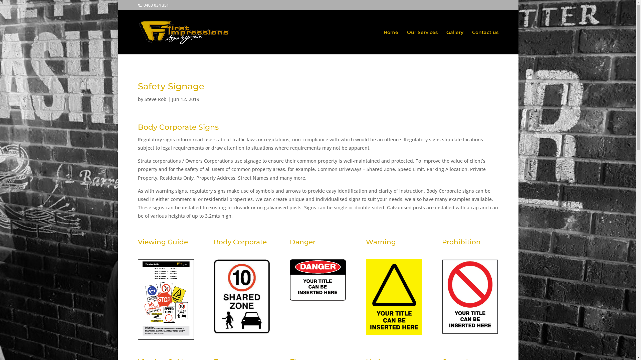  Describe the element at coordinates (155, 99) in the screenshot. I see `'Steve Rob'` at that location.